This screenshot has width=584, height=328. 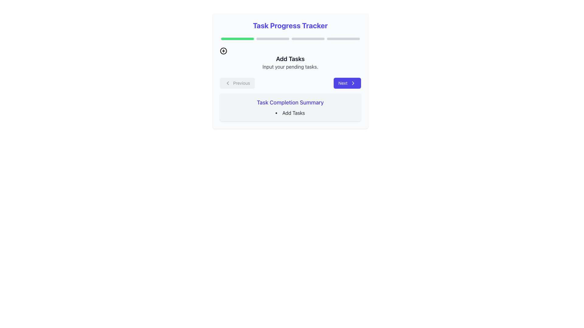 What do you see at coordinates (290, 59) in the screenshot?
I see `the heading text element located near the upper center of the interface, beneath the circular plus icon, above the text 'Input your pending tasks.'` at bounding box center [290, 59].